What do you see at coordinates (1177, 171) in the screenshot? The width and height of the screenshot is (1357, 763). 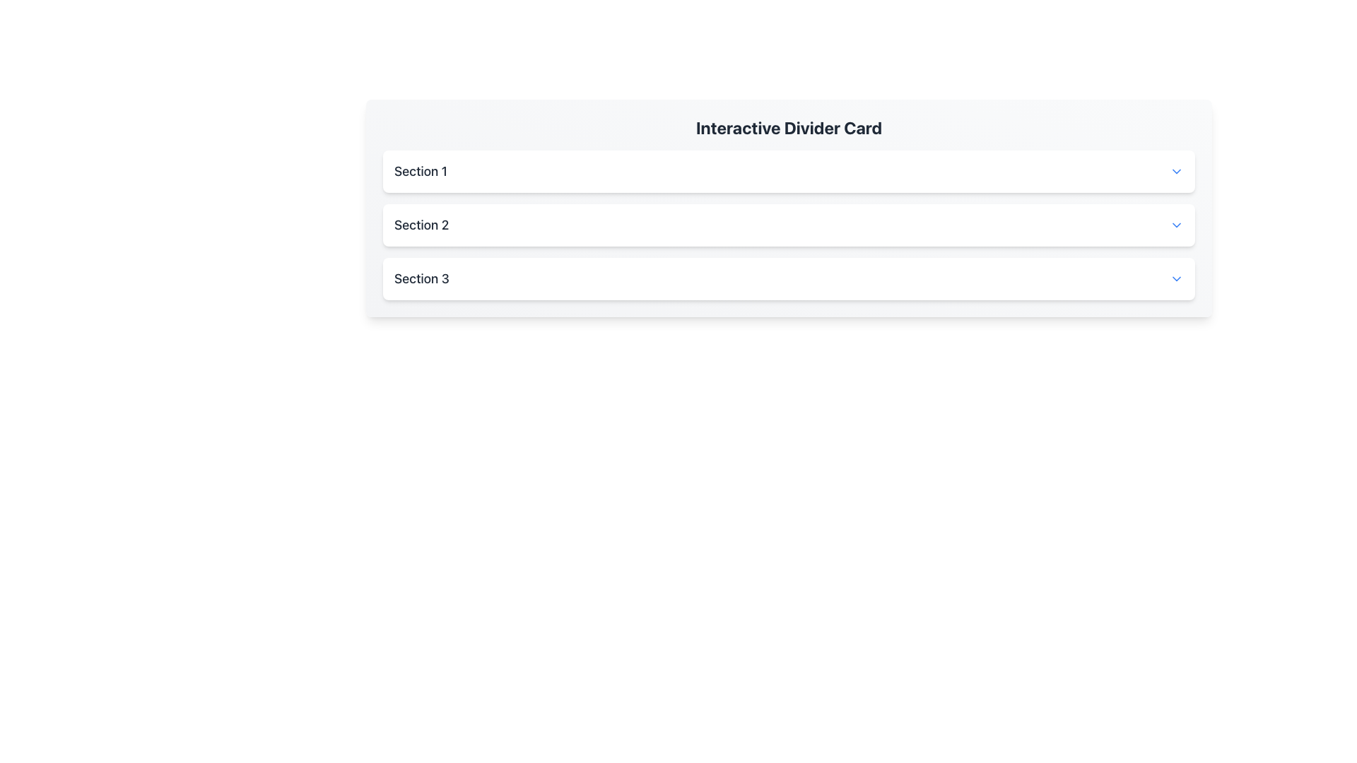 I see `the expand/collapse icon for 'Section 1' located at the far right end of the header` at bounding box center [1177, 171].